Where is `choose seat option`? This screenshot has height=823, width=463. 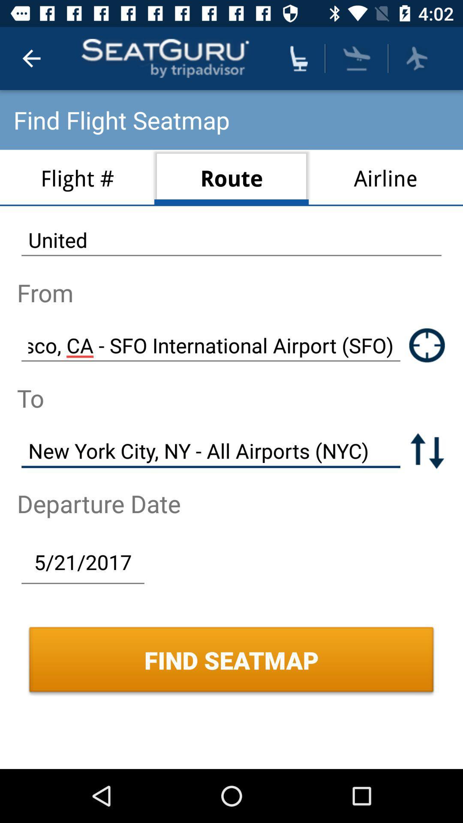
choose seat option is located at coordinates (298, 58).